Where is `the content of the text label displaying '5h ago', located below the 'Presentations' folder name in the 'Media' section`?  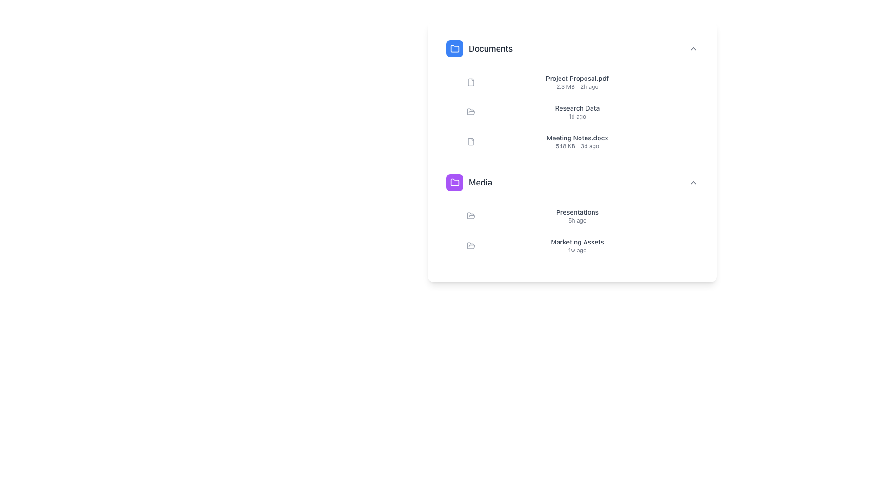 the content of the text label displaying '5h ago', located below the 'Presentations' folder name in the 'Media' section is located at coordinates (577, 220).